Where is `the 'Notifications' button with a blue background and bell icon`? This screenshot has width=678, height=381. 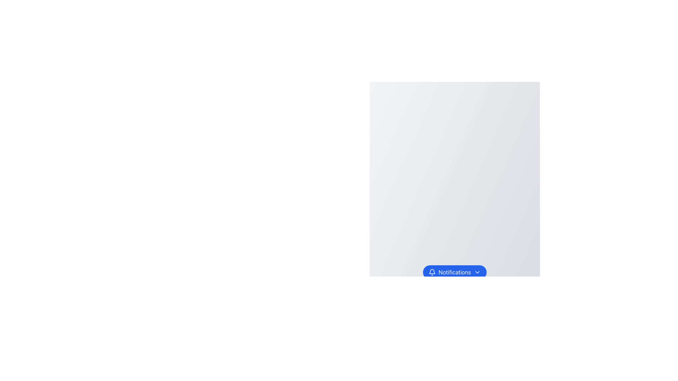 the 'Notifications' button with a blue background and bell icon is located at coordinates (454, 272).